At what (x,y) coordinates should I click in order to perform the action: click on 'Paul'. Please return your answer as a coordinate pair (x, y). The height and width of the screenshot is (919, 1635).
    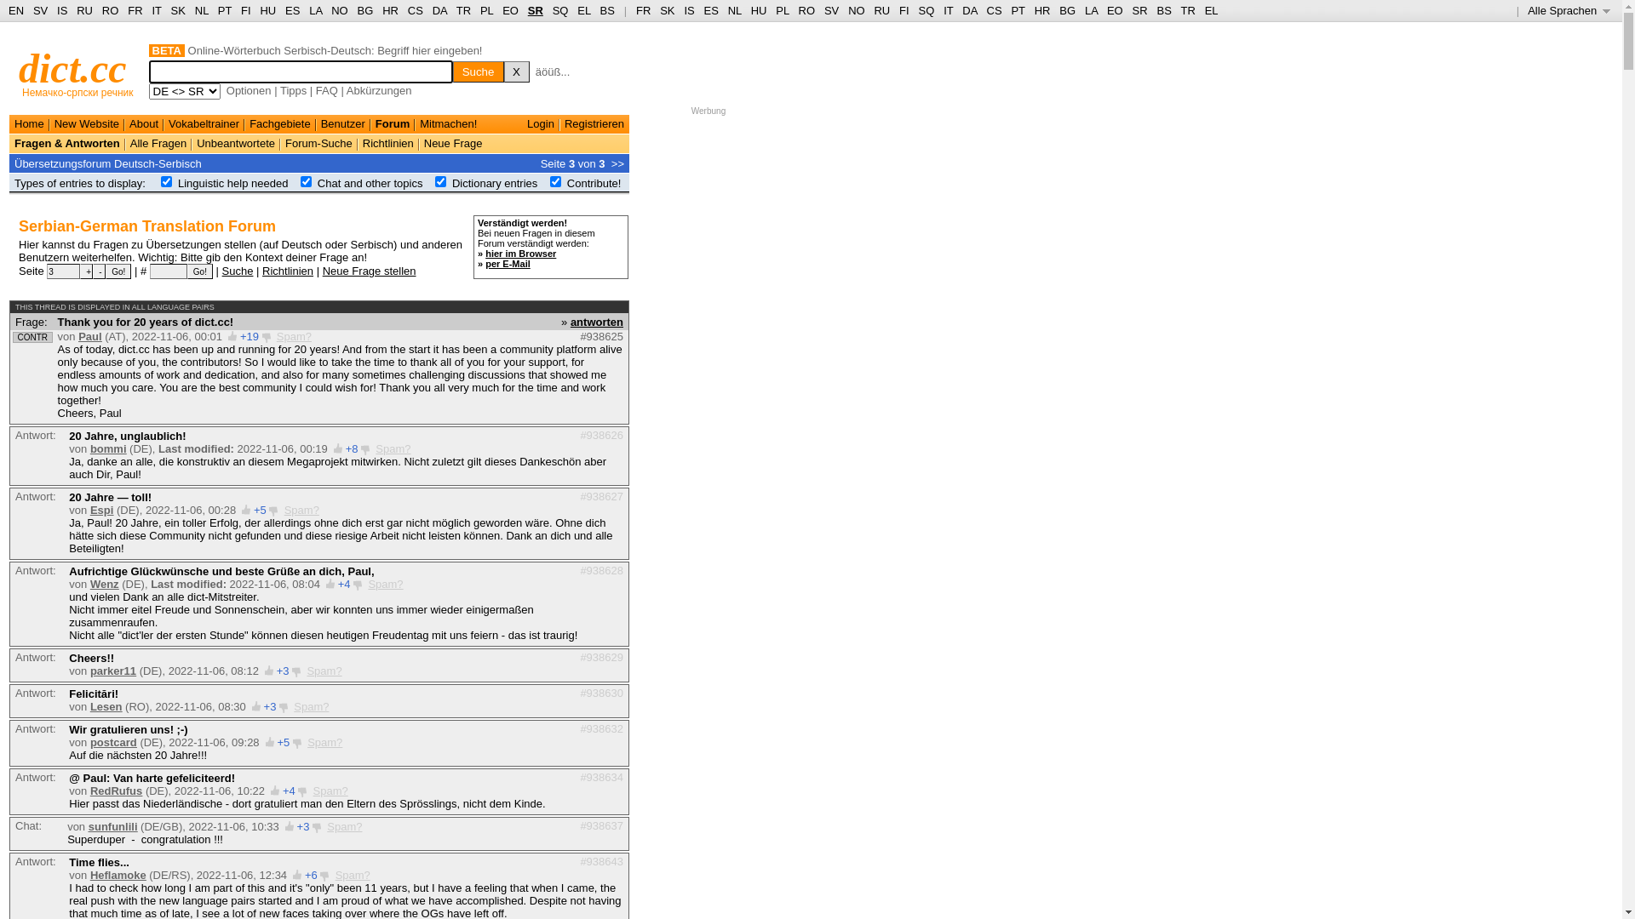
    Looking at the image, I should click on (89, 336).